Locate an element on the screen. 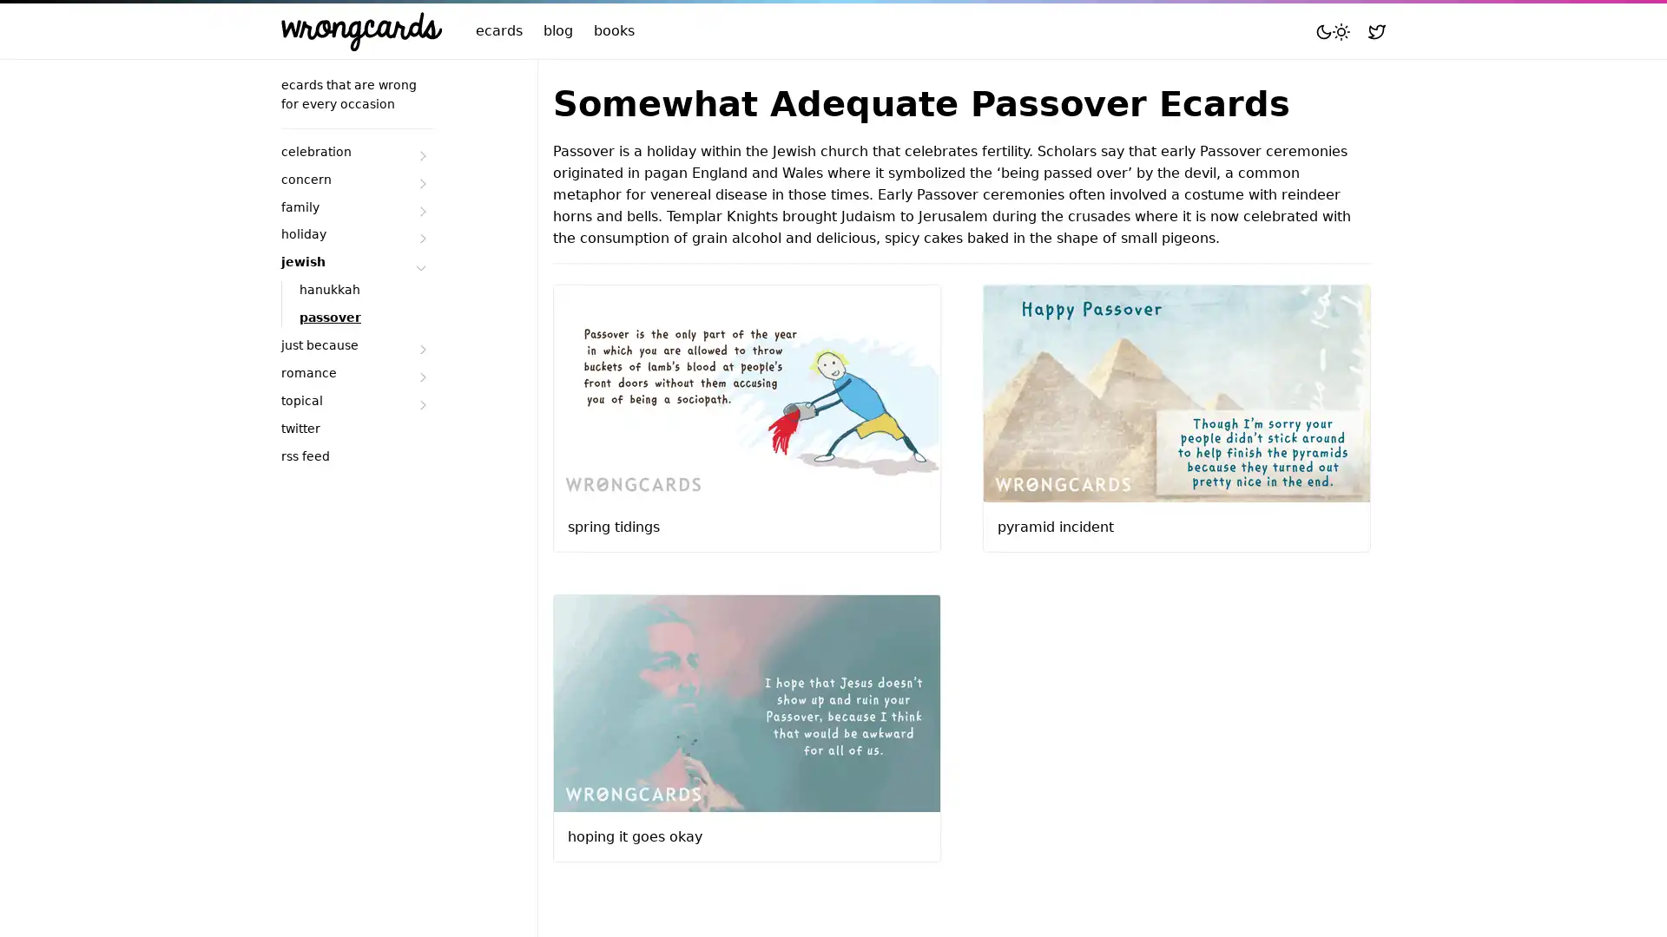 The image size is (1667, 937). Submenu is located at coordinates (420, 404).